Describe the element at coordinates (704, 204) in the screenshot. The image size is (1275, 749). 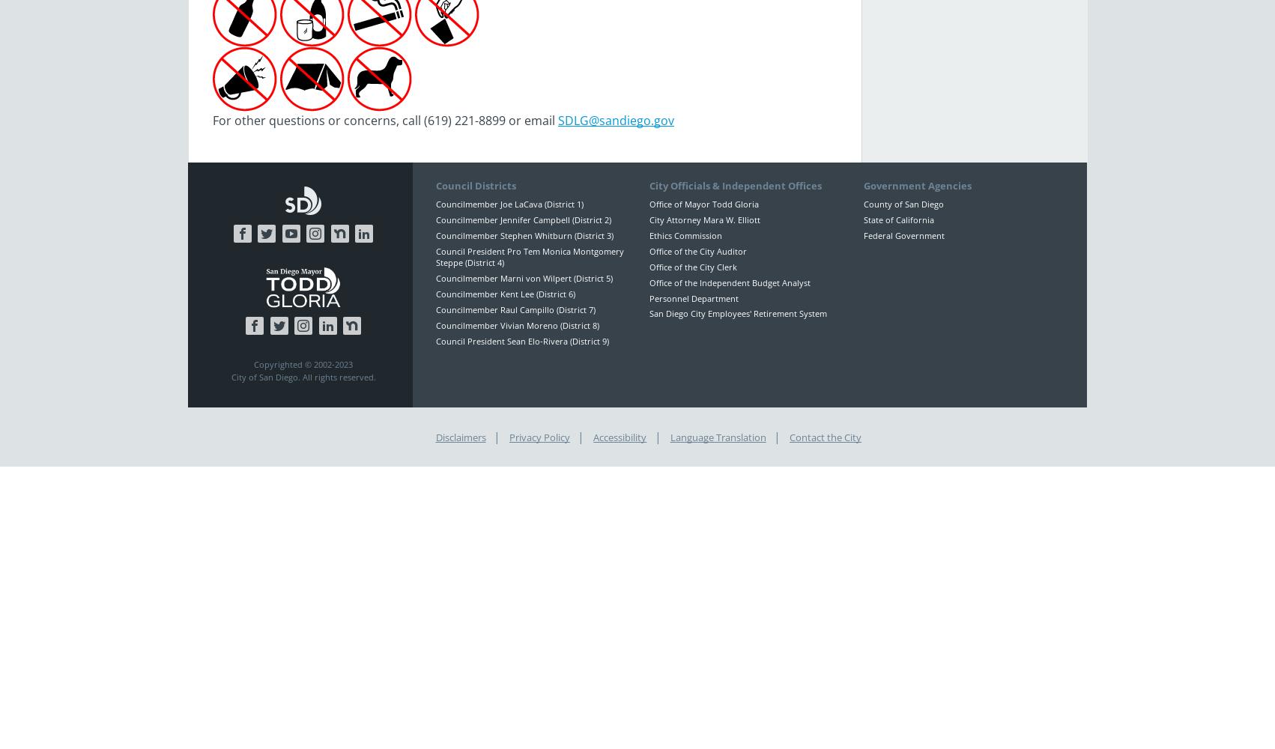
I see `'Office of Mayor Todd Gloria'` at that location.